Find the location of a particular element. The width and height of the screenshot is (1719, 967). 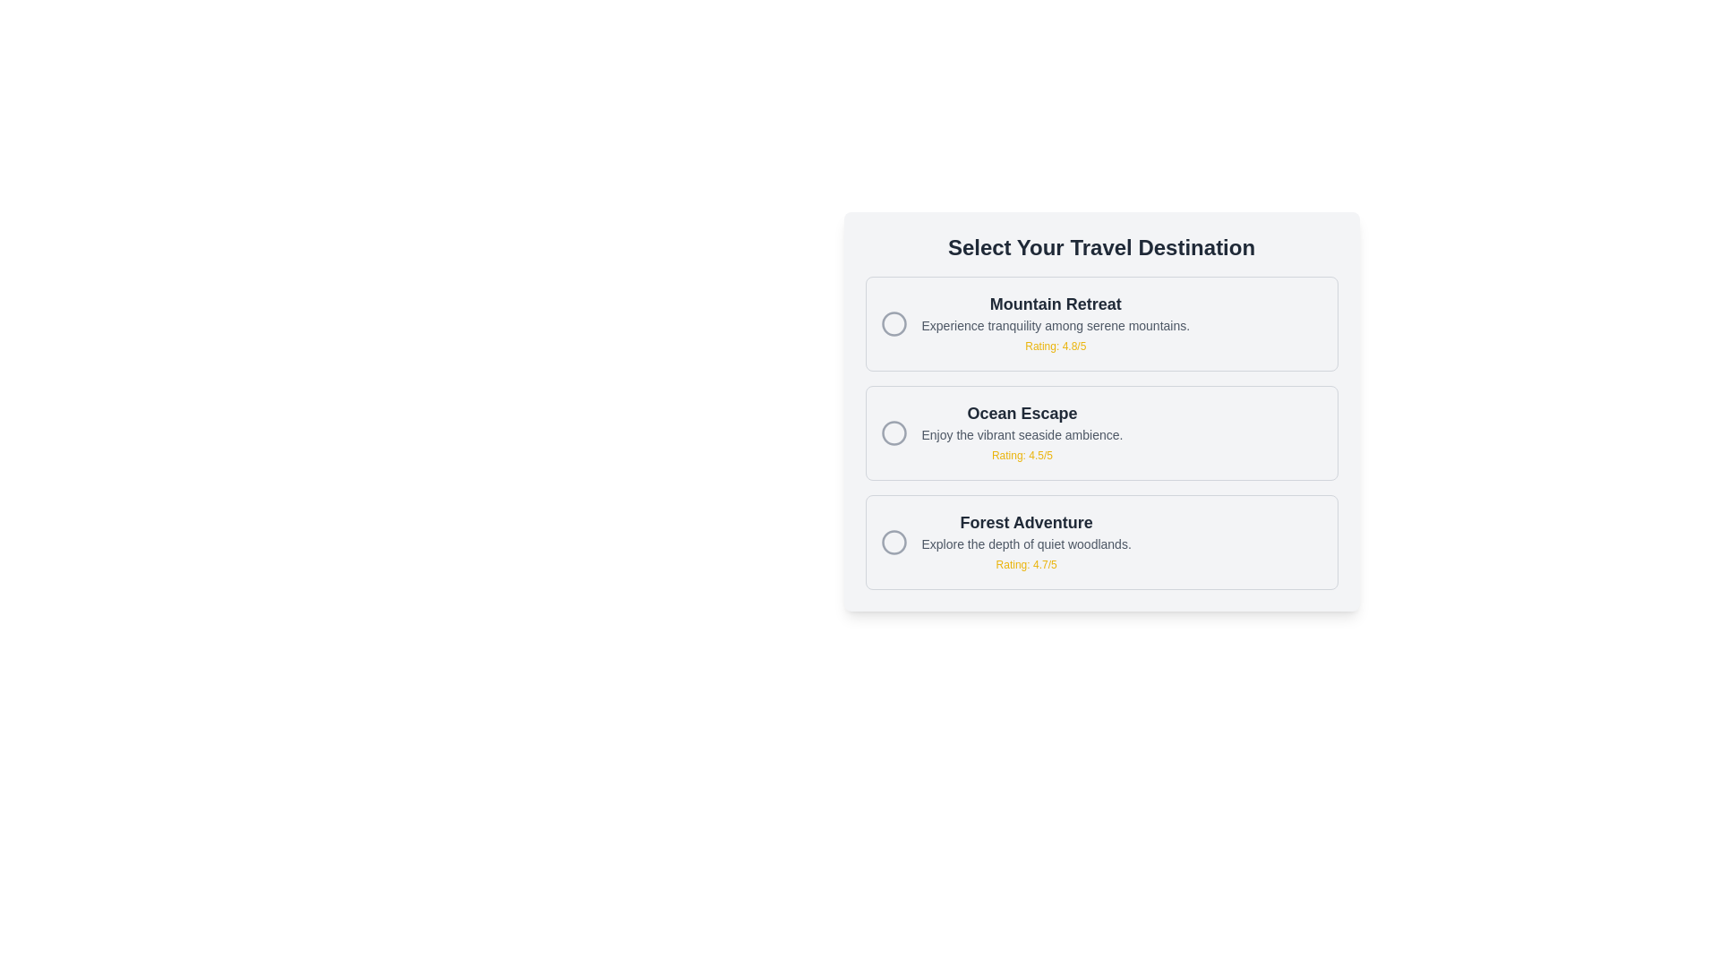

the text element displaying 'Experience tranquility among serene mountains.', which is styled in gray and positioned between the title 'Mountain Retreat' and the rating text 'Rating: 4.8/5' is located at coordinates (1056, 325).